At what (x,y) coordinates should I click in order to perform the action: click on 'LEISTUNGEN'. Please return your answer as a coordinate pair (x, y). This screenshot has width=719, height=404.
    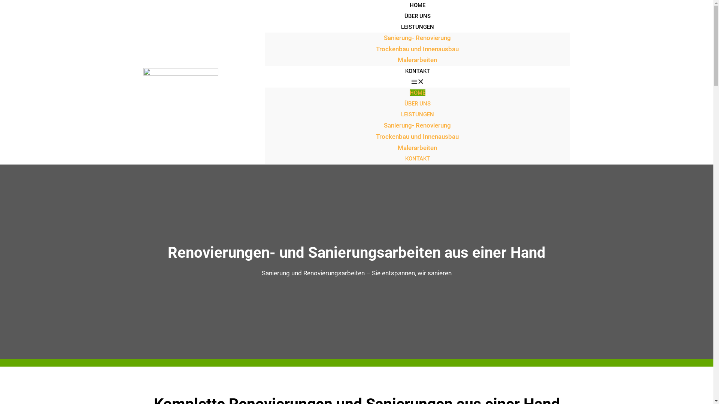
    Looking at the image, I should click on (417, 27).